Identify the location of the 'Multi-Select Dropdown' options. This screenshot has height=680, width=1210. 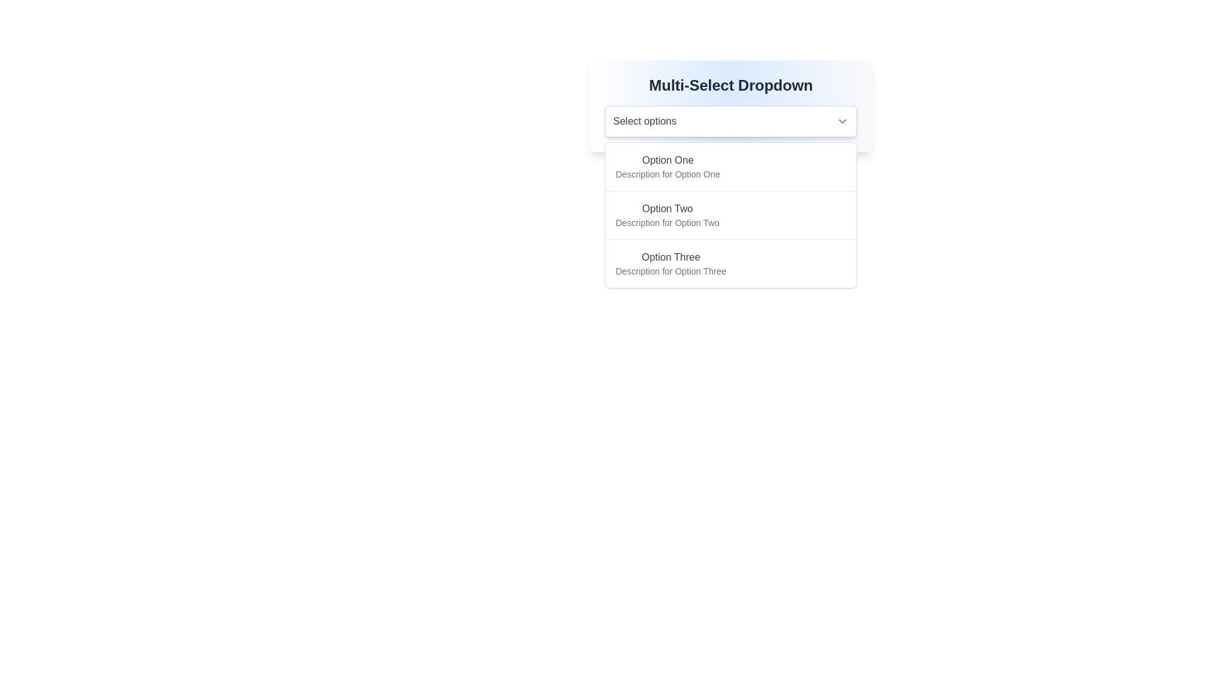
(731, 106).